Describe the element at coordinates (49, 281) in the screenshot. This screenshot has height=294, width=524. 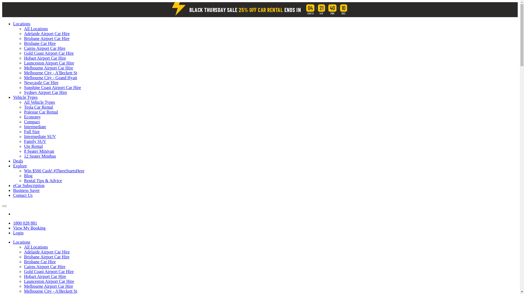
I see `'Launceston Airport Car Hire'` at that location.